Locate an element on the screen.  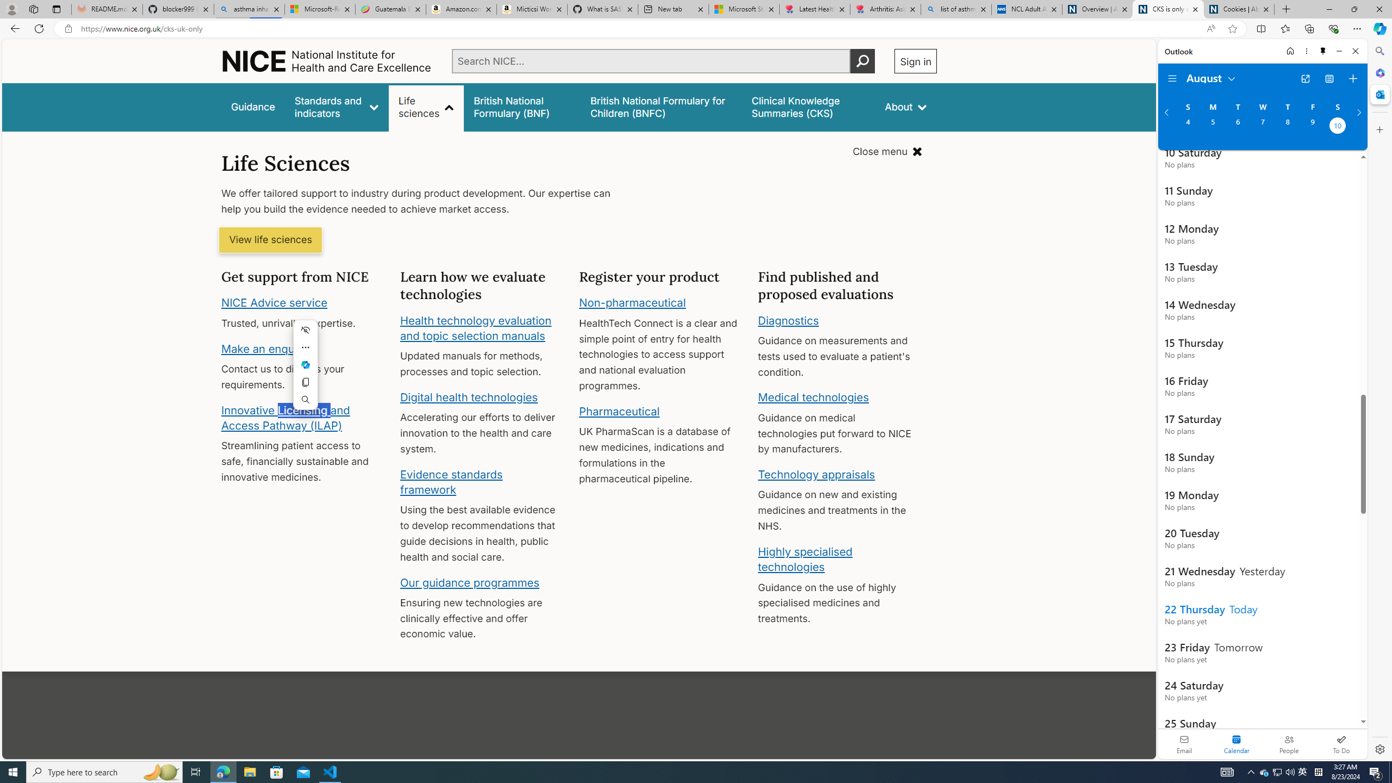
'August' is located at coordinates (1211, 77).